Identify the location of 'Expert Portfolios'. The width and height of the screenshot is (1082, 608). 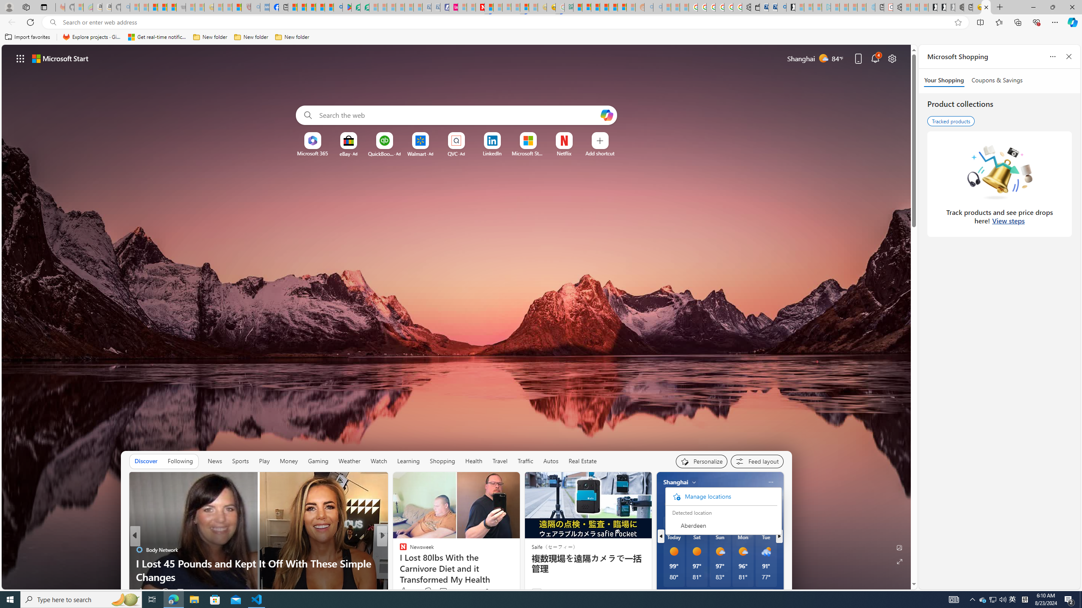
(604, 7).